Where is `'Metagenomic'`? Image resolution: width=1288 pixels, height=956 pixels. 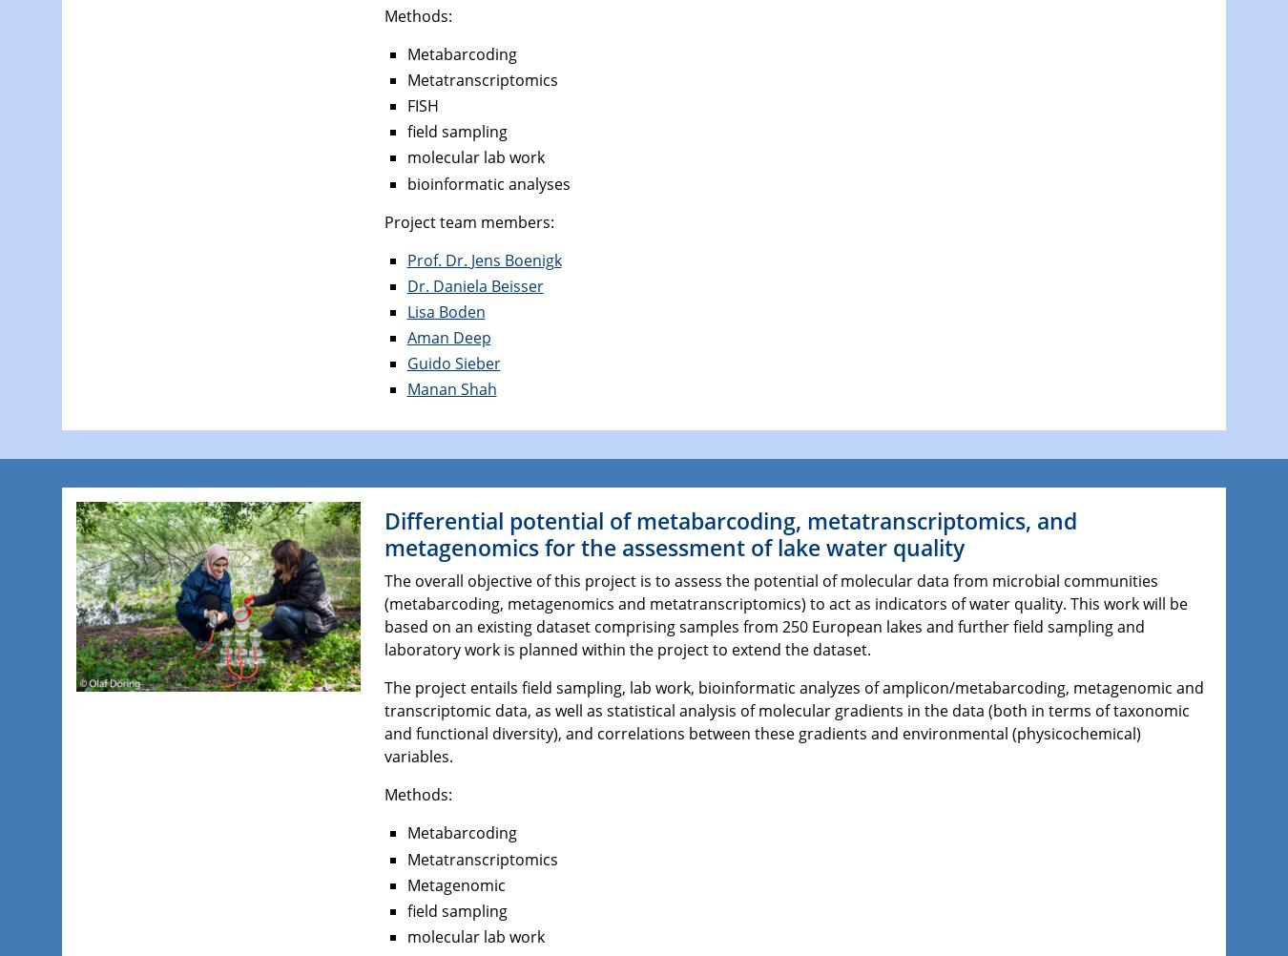 'Metagenomic' is located at coordinates (454, 883).